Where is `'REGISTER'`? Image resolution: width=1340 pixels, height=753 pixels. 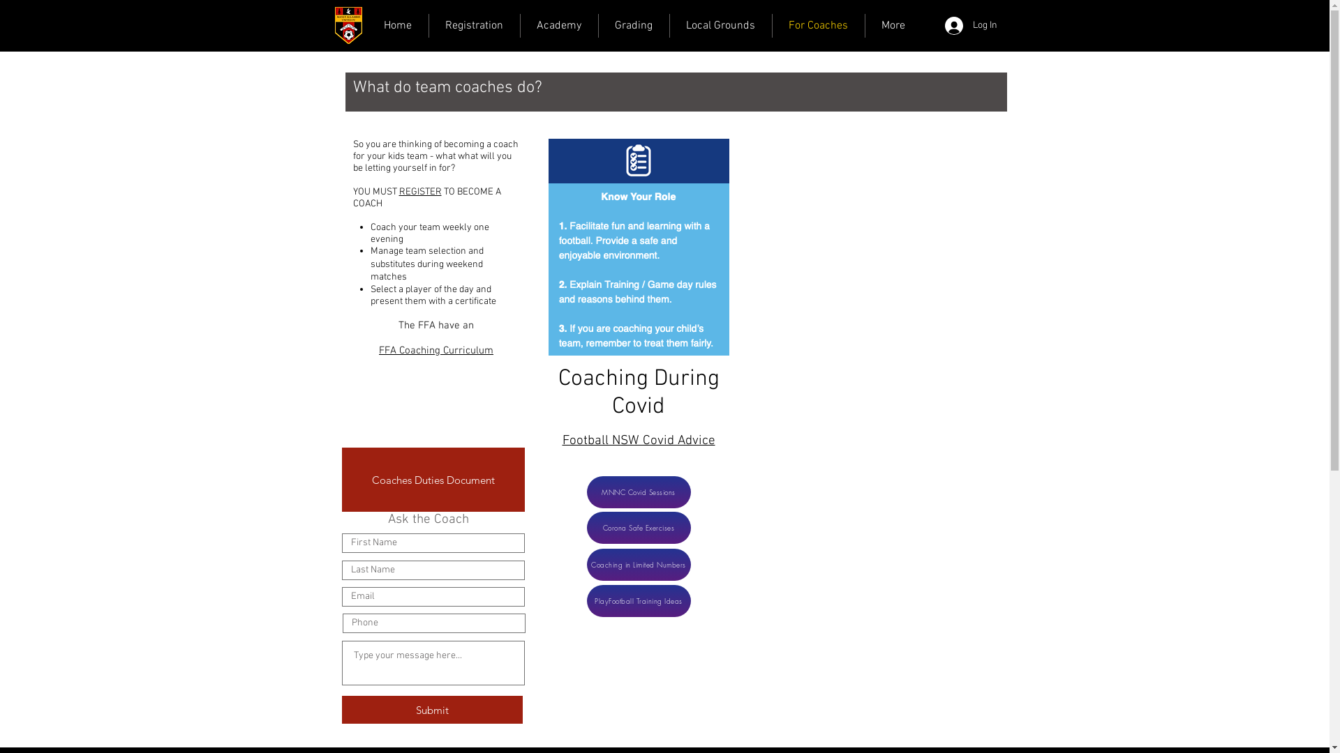
'REGISTER' is located at coordinates (398, 192).